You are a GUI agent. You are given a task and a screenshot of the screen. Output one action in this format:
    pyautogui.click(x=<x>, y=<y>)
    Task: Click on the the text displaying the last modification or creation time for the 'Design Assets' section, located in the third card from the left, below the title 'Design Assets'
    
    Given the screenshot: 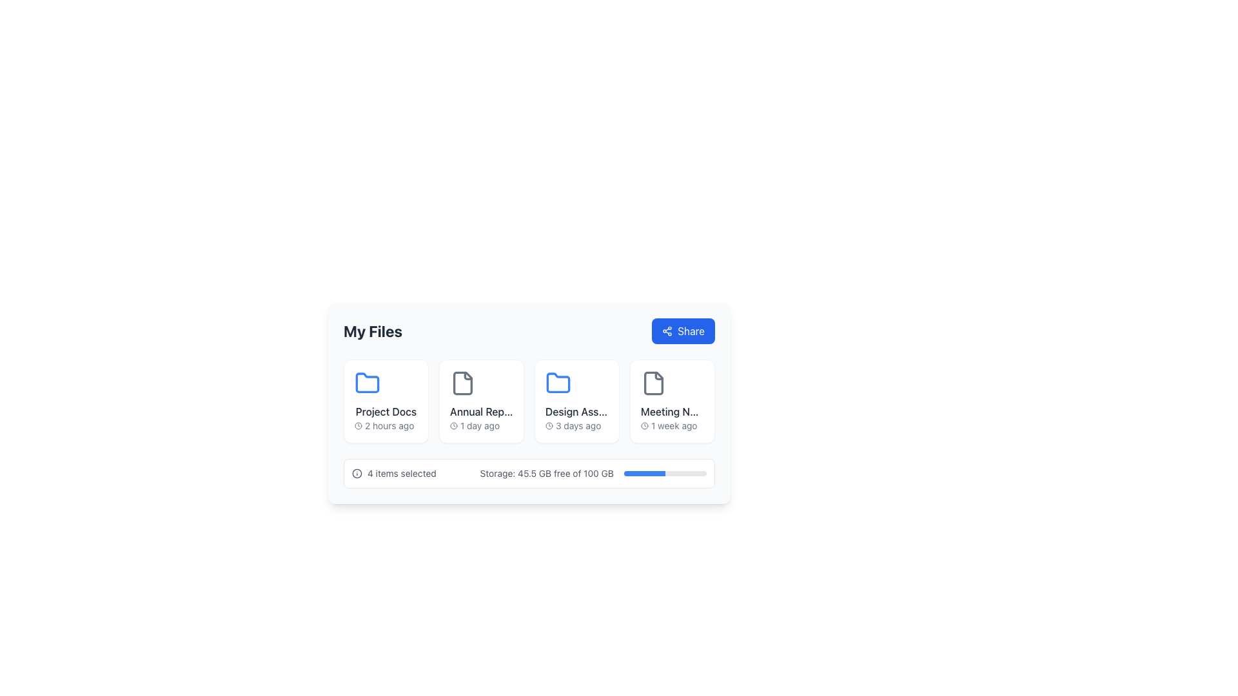 What is the action you would take?
    pyautogui.click(x=576, y=425)
    